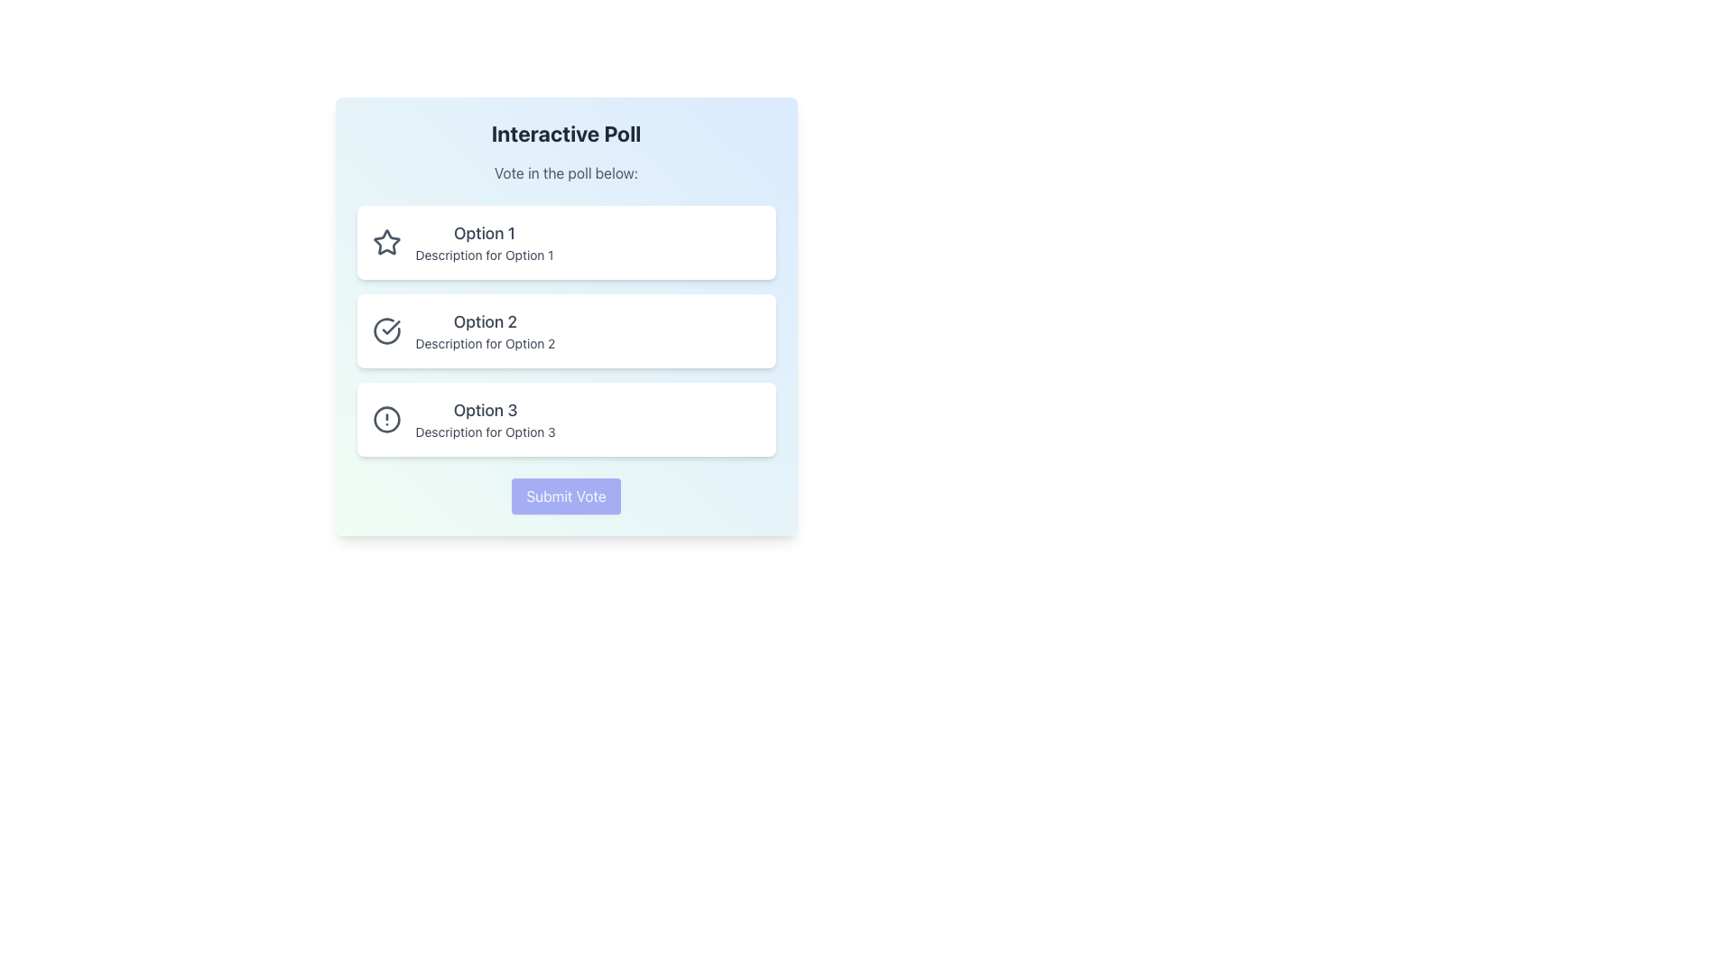  What do you see at coordinates (485, 344) in the screenshot?
I see `the informational label that provides clarification about 'Option 2', located directly below the 'Option 2' text` at bounding box center [485, 344].